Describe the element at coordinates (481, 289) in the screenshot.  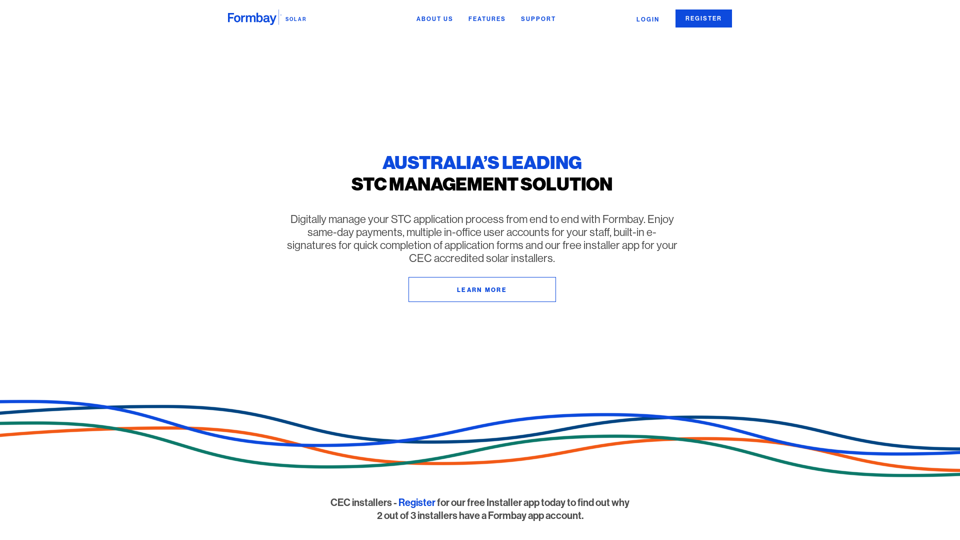
I see `'LEARN MORE'` at that location.